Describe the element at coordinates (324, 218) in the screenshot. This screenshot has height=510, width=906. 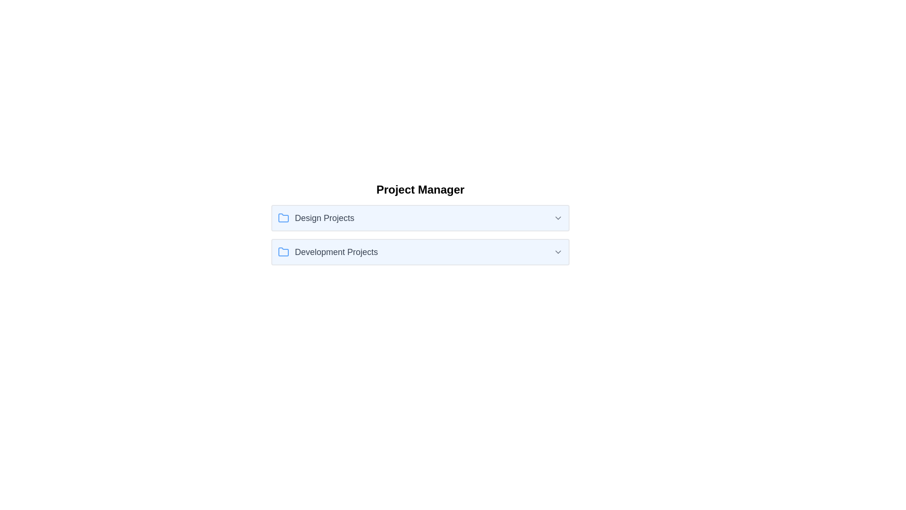
I see `the text label reading 'Design Projects' which is styled in gray and located next to a blue folder icon under the 'Project Manager' section` at that location.